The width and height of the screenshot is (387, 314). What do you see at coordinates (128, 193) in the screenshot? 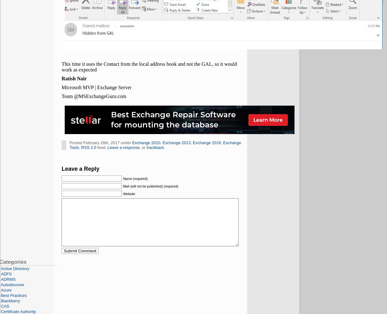
I see `'Website'` at bounding box center [128, 193].